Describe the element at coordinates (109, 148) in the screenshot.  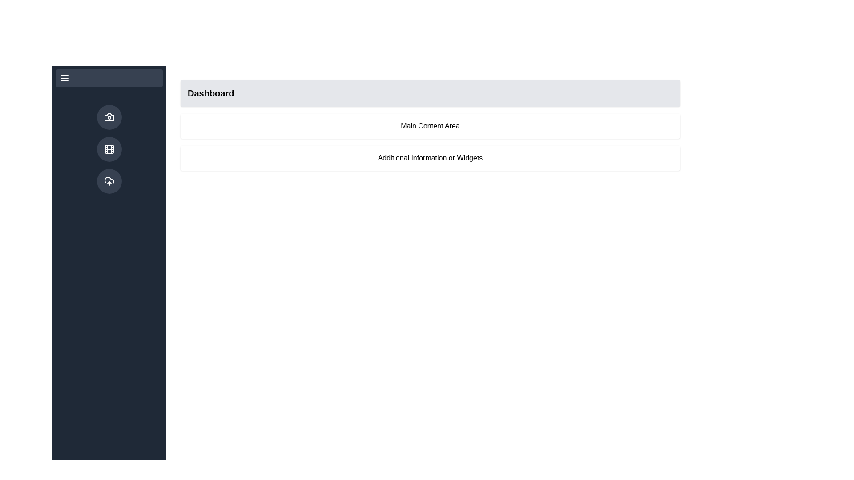
I see `the rectangular film strip icon with rounded corners located` at that location.